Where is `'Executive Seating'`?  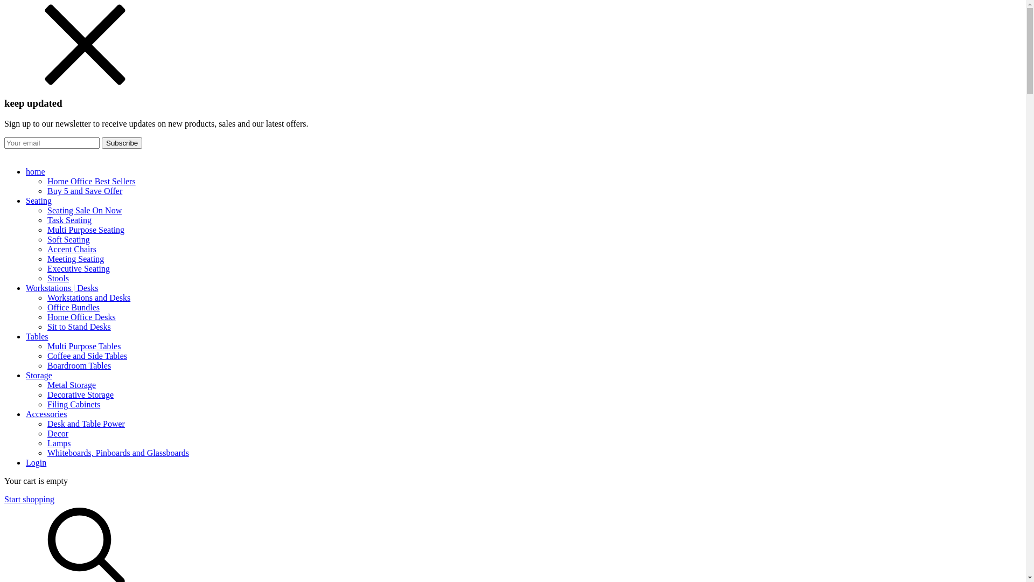 'Executive Seating' is located at coordinates (78, 268).